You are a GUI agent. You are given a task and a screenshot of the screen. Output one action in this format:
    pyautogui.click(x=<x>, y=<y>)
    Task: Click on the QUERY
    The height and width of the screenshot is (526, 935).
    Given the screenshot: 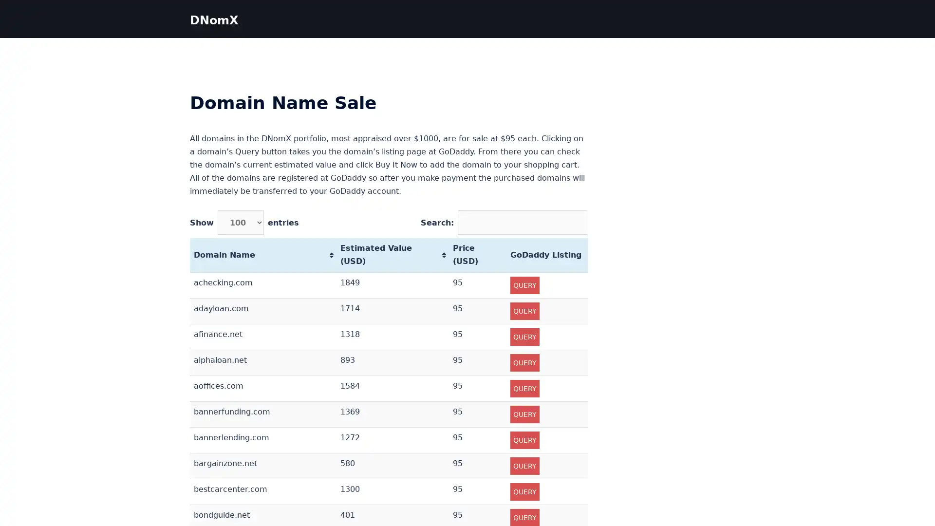 What is the action you would take?
    pyautogui.click(x=524, y=362)
    